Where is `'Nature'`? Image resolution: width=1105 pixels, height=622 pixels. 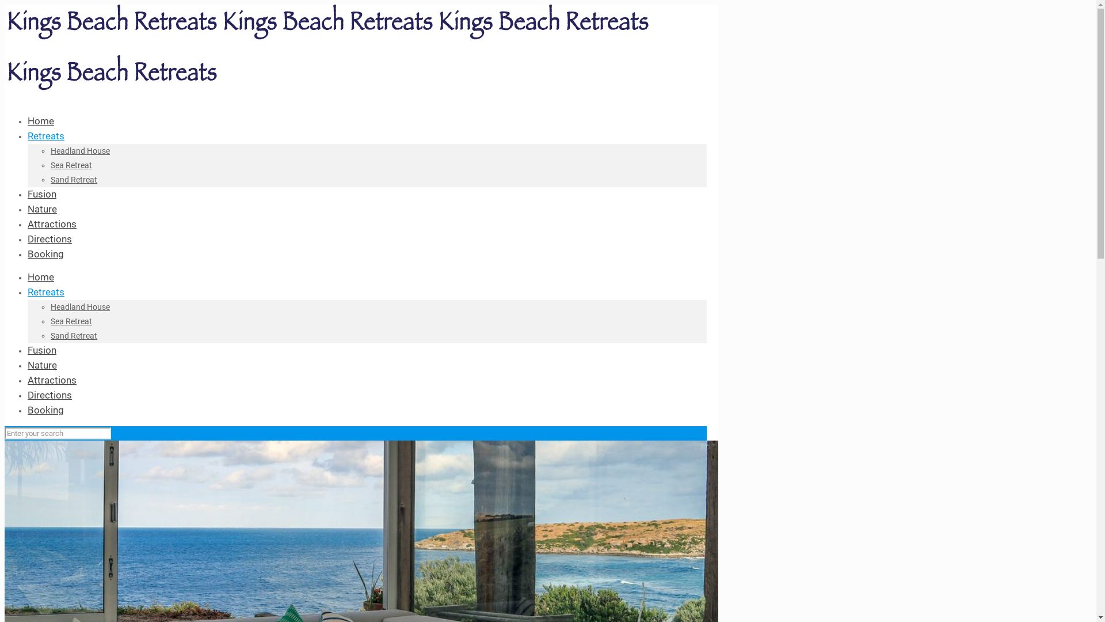
'Nature' is located at coordinates (42, 208).